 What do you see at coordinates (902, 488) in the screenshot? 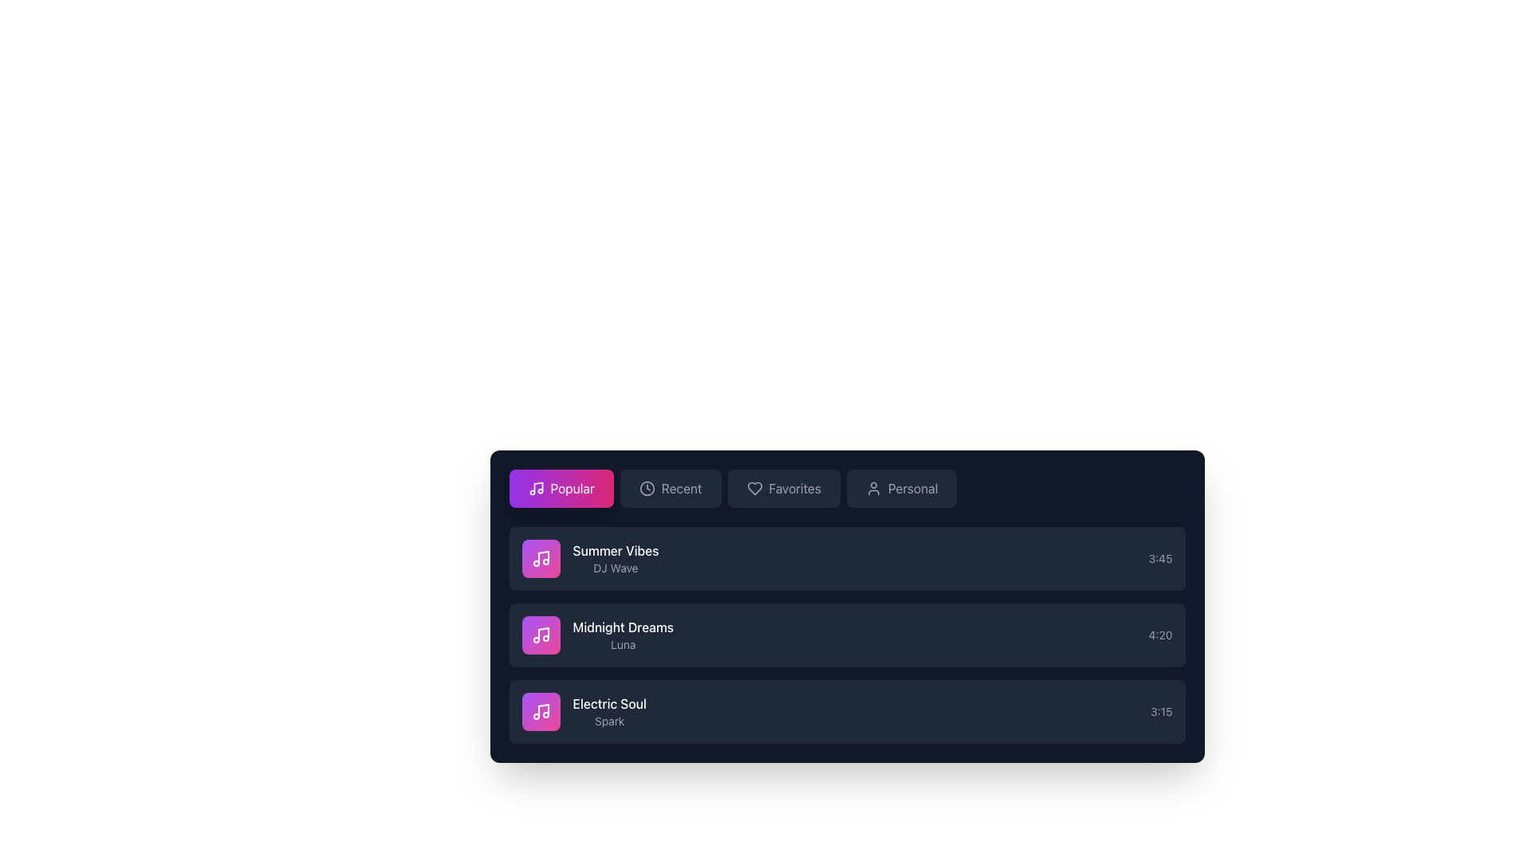
I see `the 'Personal' button, the fourth button in a row of interactive elements that filters content within the application, to observe its hover effects` at bounding box center [902, 488].